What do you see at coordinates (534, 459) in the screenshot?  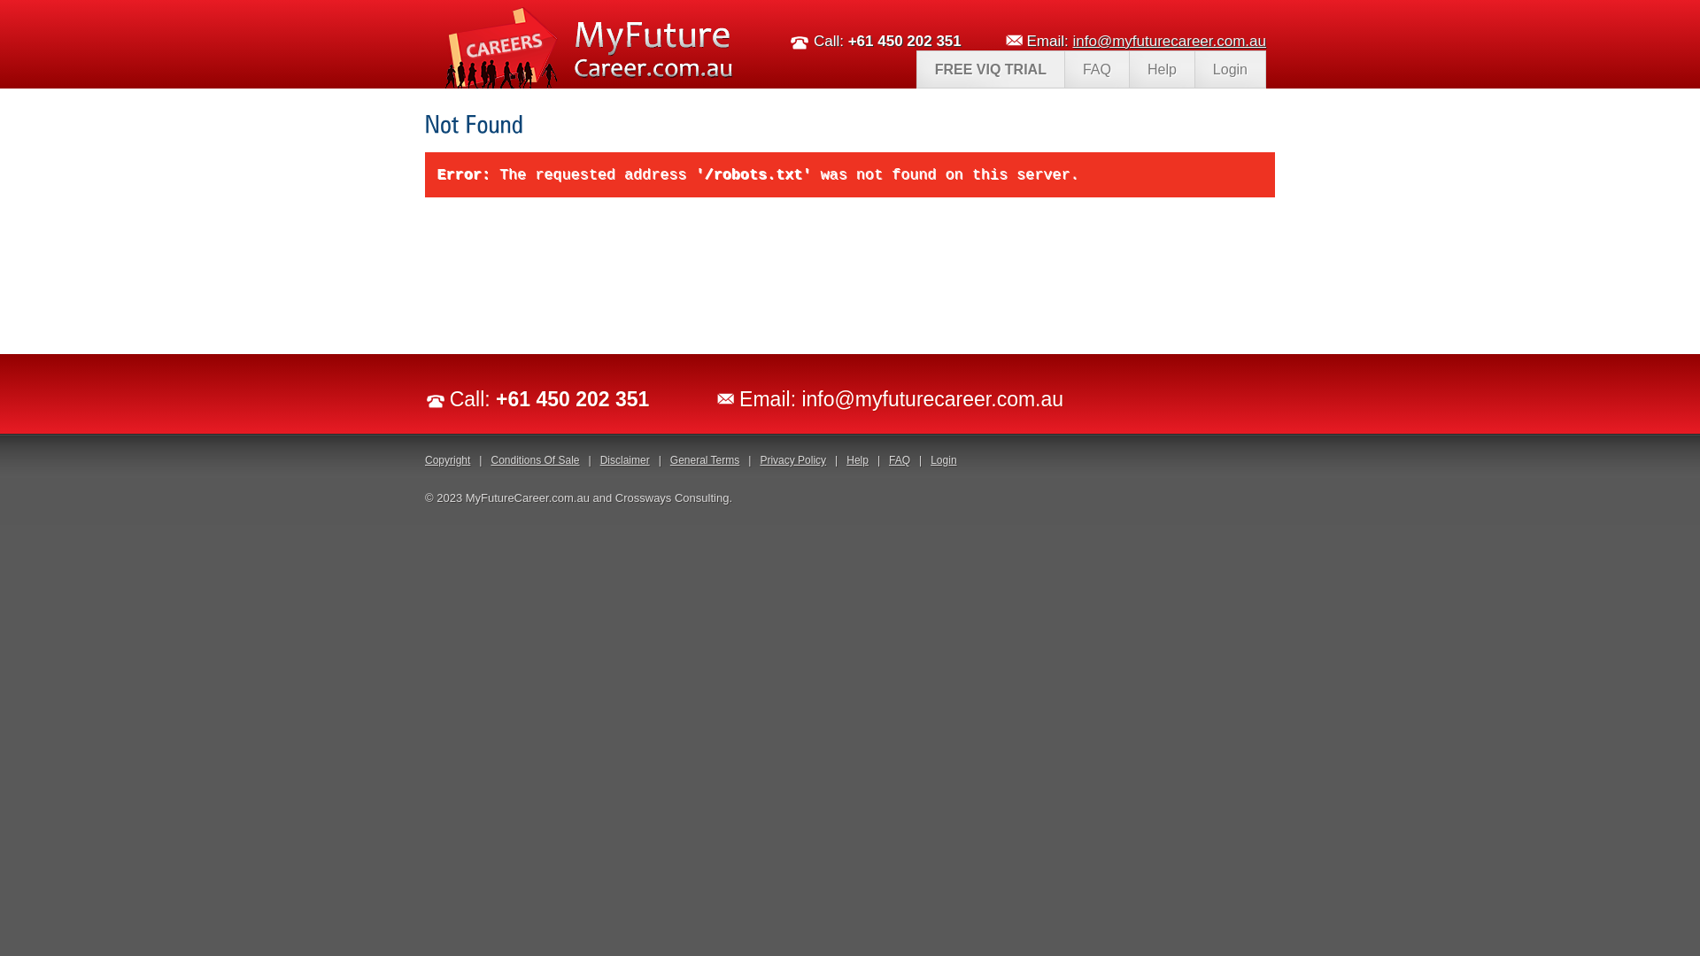 I see `'Conditions Of Sale'` at bounding box center [534, 459].